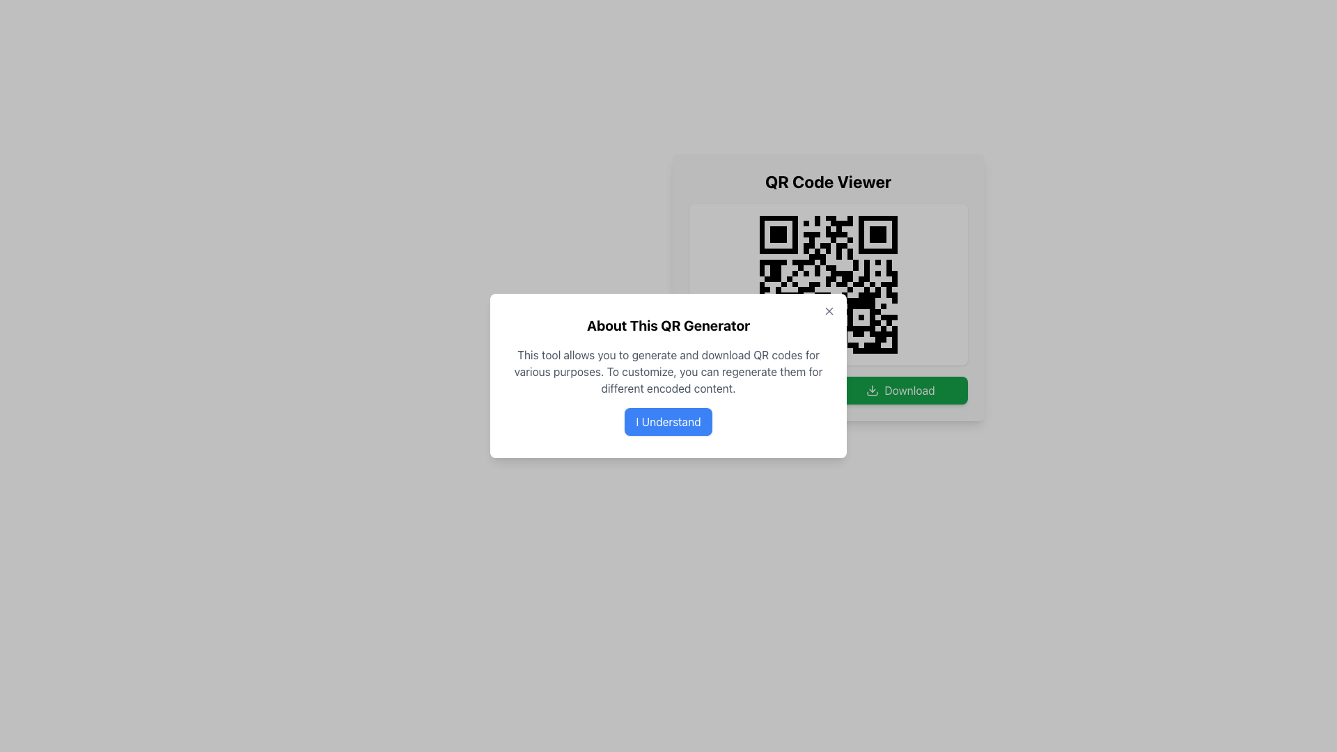 The height and width of the screenshot is (752, 1337). Describe the element at coordinates (900, 390) in the screenshot. I see `the 'Download' button with a green background and white text, which is the second button in a horizontal layout, to initiate the file download` at that location.